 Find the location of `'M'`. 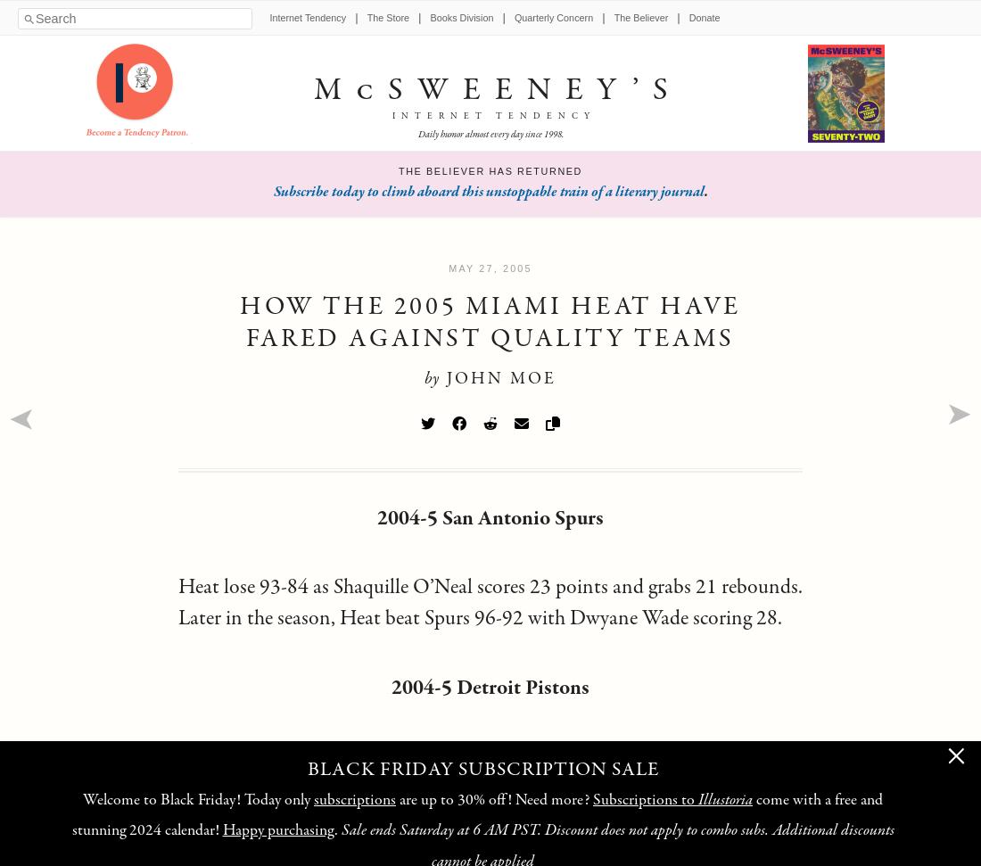

'M' is located at coordinates (334, 89).